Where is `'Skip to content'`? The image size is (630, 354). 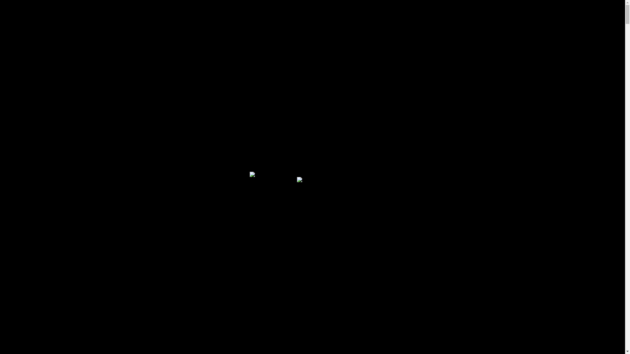 'Skip to content' is located at coordinates (3, 5).